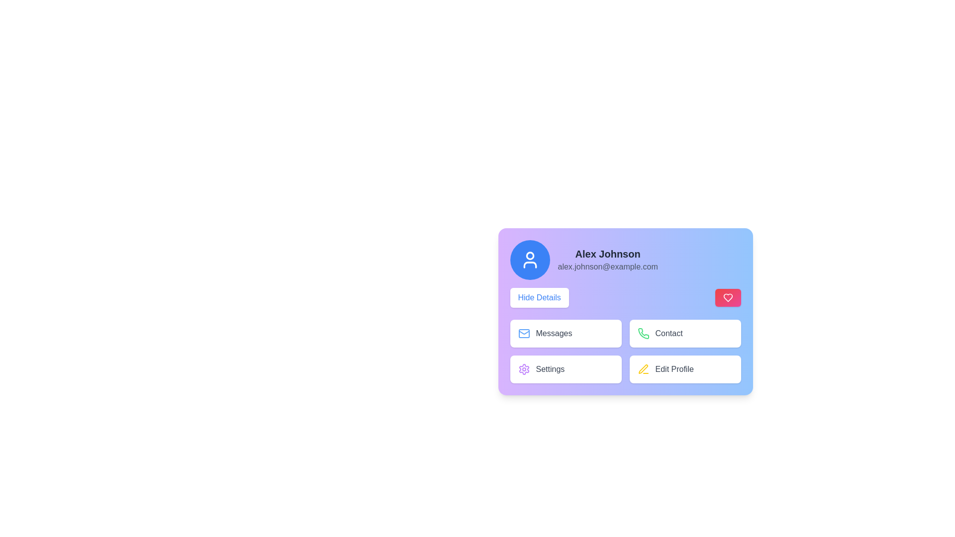 This screenshot has height=537, width=955. Describe the element at coordinates (607, 253) in the screenshot. I see `the text label displaying the user's name in the upper portion of the user card, which serves as an identifier for the user` at that location.